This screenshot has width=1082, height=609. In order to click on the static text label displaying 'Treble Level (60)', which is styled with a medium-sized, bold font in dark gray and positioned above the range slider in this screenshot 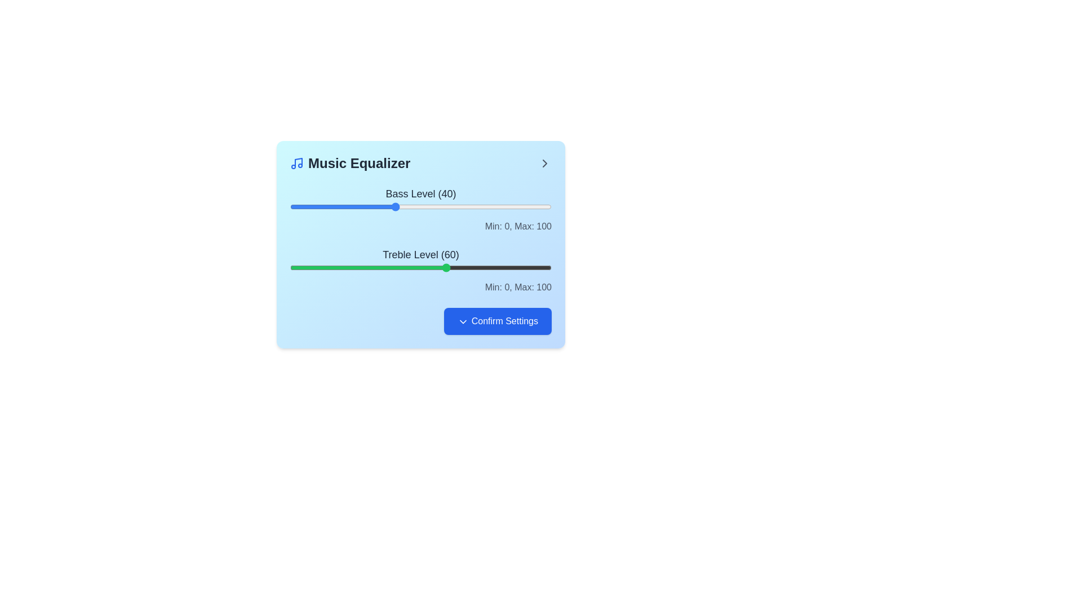, I will do `click(420, 254)`.